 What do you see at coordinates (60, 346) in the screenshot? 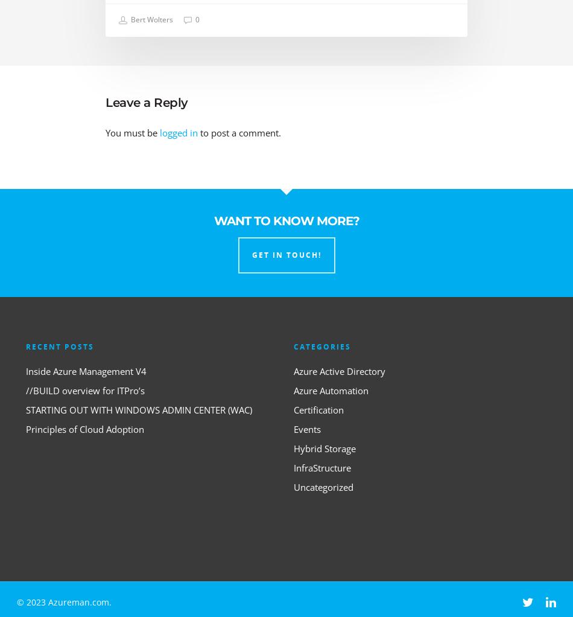
I see `'Recent Posts'` at bounding box center [60, 346].